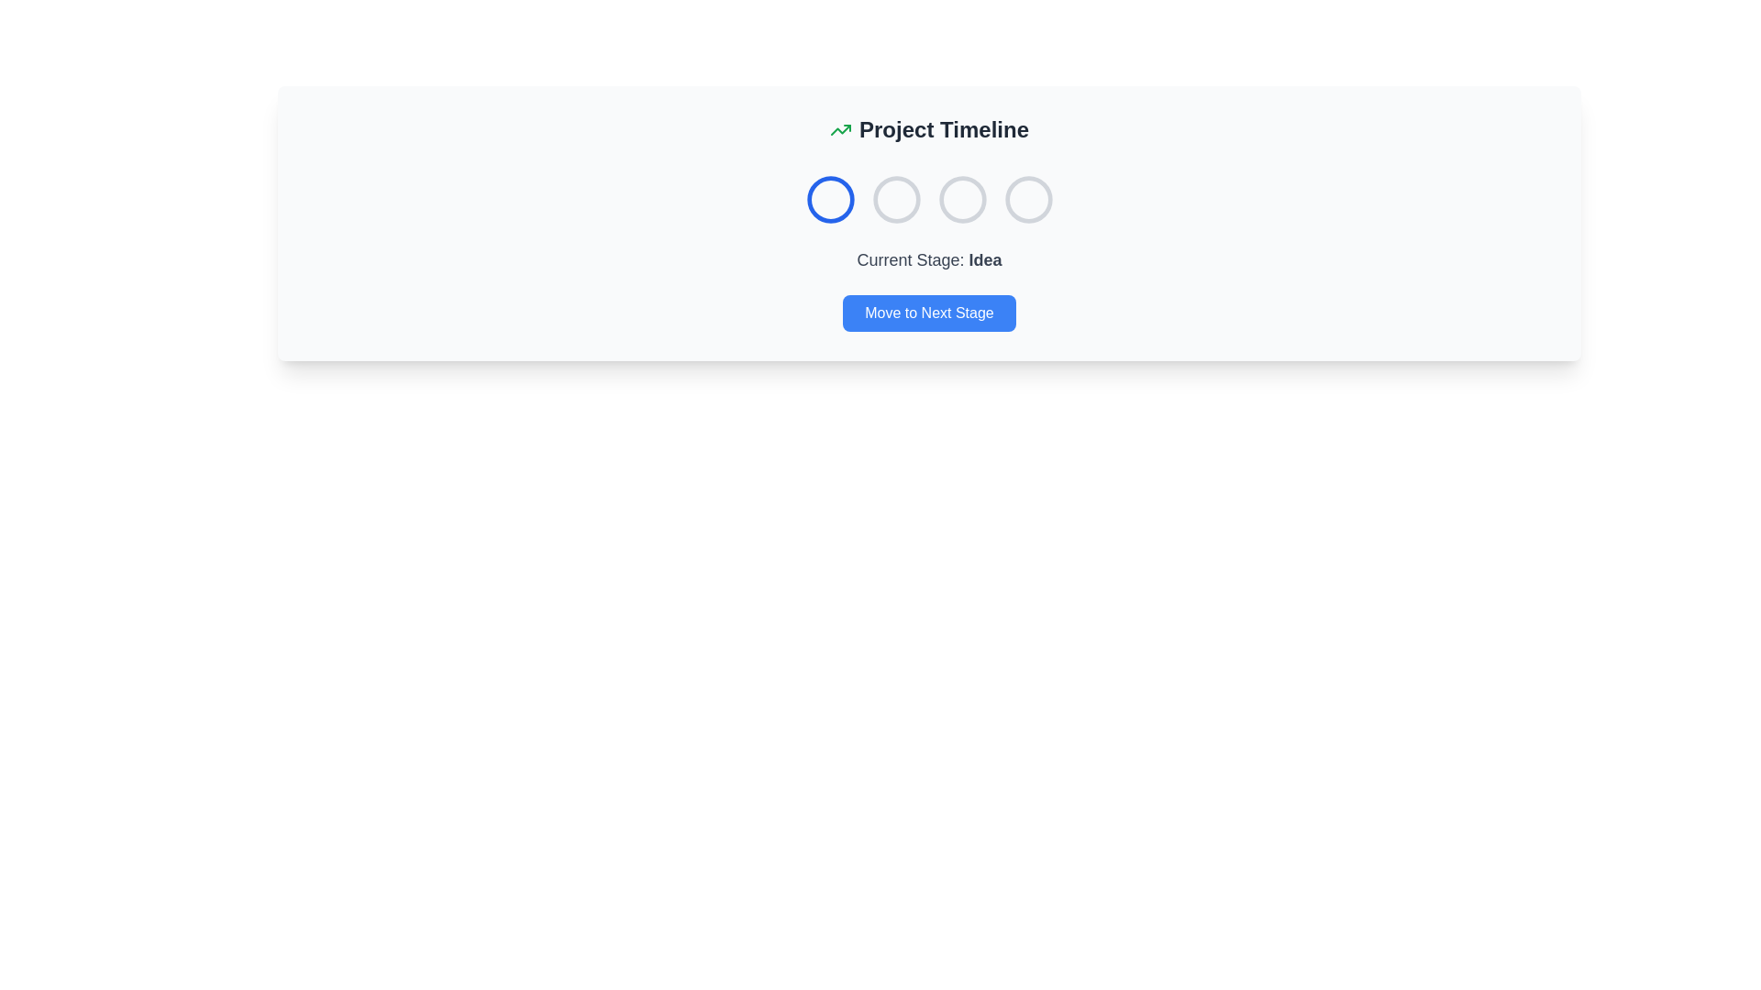 This screenshot has height=990, width=1761. I want to click on the informative label that indicates the current stage as 'Idea', located centrally under the progress stage icons and above the 'Move to Next Stage' button, so click(929, 260).